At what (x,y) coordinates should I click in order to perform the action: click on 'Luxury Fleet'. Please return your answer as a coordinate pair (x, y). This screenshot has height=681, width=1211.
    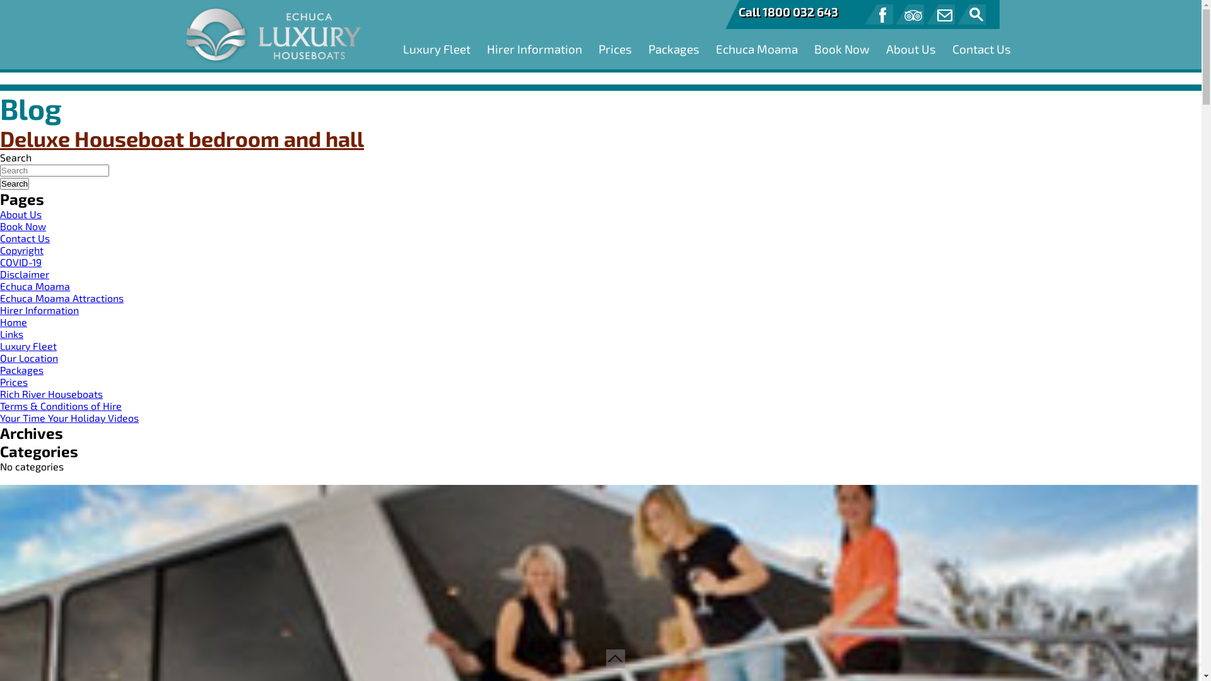
    Looking at the image, I should click on (433, 48).